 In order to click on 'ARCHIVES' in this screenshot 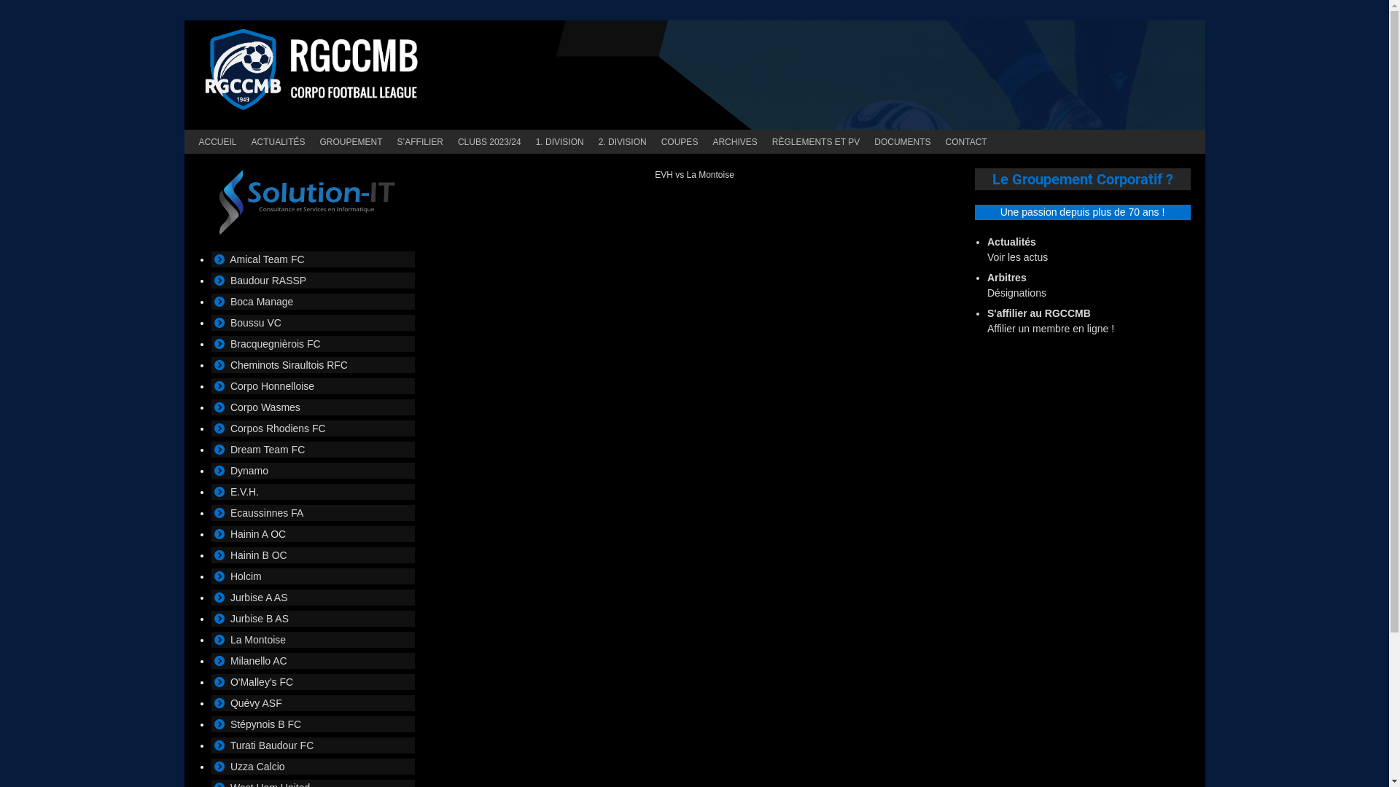, I will do `click(734, 141)`.